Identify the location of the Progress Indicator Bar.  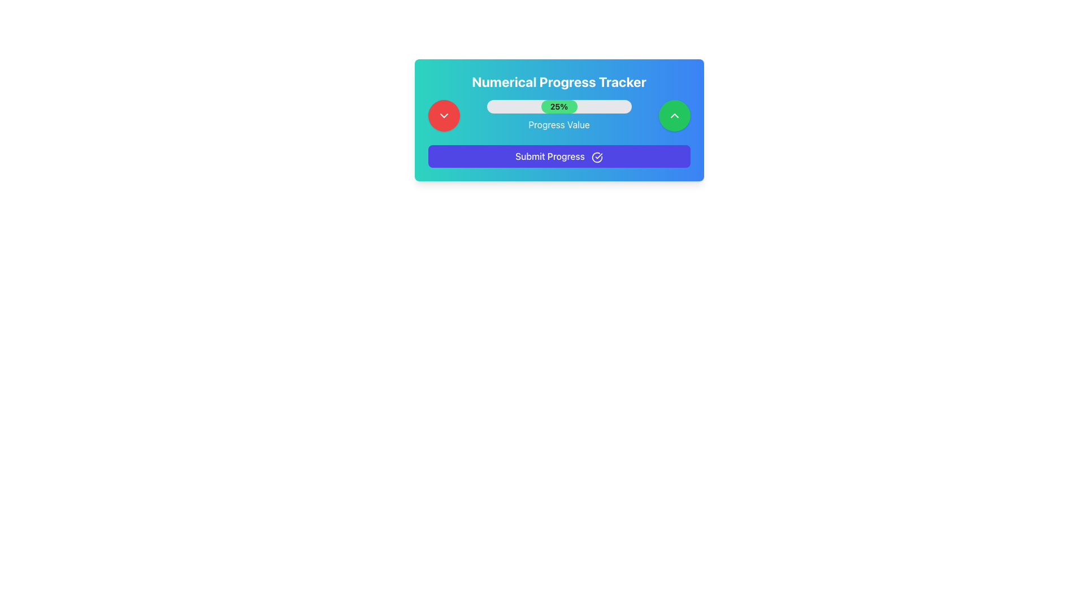
(559, 120).